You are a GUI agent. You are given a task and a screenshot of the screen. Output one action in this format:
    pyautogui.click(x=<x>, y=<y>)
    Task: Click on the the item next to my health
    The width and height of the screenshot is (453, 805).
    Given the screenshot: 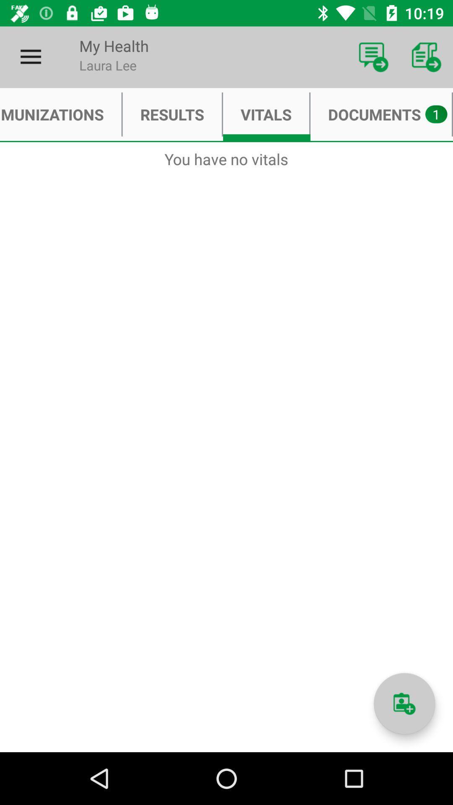 What is the action you would take?
    pyautogui.click(x=30, y=57)
    